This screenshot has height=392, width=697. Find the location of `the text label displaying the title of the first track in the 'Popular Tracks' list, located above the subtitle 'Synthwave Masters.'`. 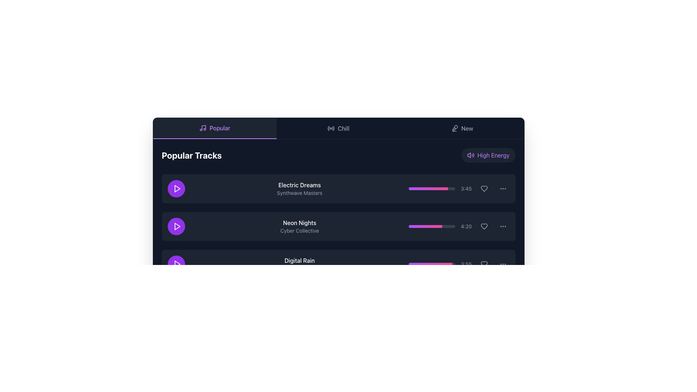

the text label displaying the title of the first track in the 'Popular Tracks' list, located above the subtitle 'Synthwave Masters.' is located at coordinates (299, 184).